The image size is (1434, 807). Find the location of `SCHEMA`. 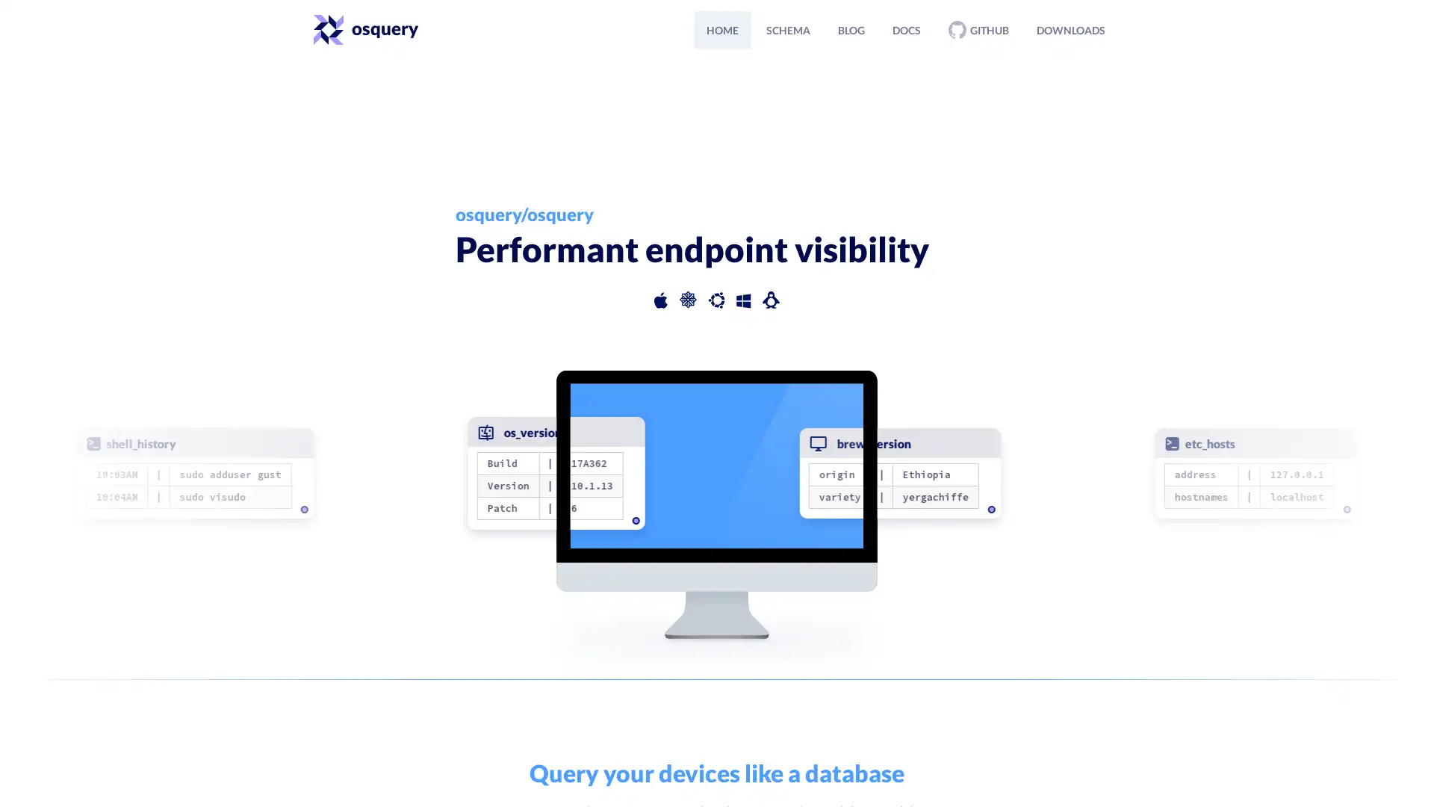

SCHEMA is located at coordinates (787, 29).